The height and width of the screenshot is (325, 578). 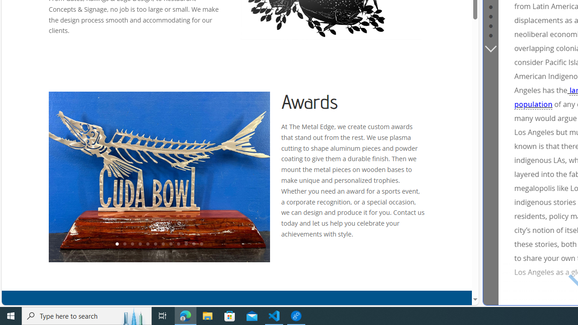 I want to click on '12', so click(x=201, y=244).